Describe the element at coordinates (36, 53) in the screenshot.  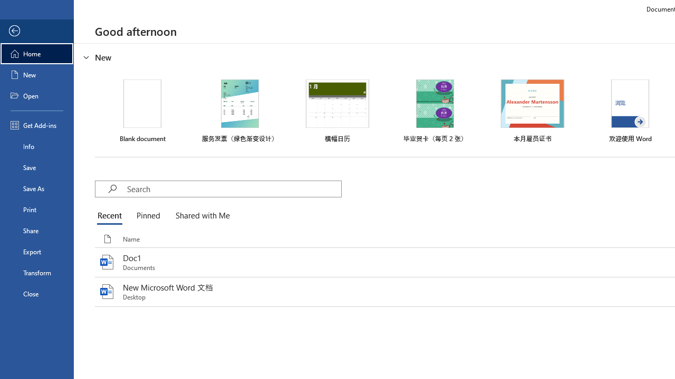
I see `'Home'` at that location.